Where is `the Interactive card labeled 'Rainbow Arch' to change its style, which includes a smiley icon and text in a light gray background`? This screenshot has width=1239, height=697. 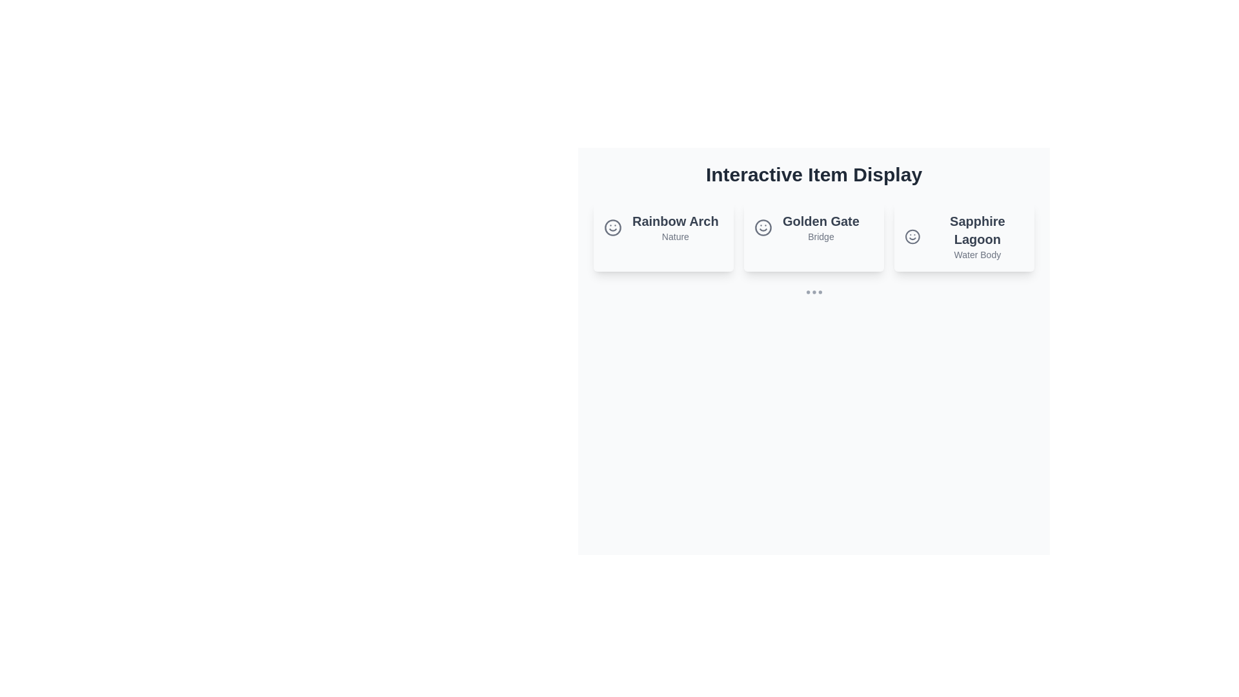 the Interactive card labeled 'Rainbow Arch' to change its style, which includes a smiley icon and text in a light gray background is located at coordinates (661, 227).